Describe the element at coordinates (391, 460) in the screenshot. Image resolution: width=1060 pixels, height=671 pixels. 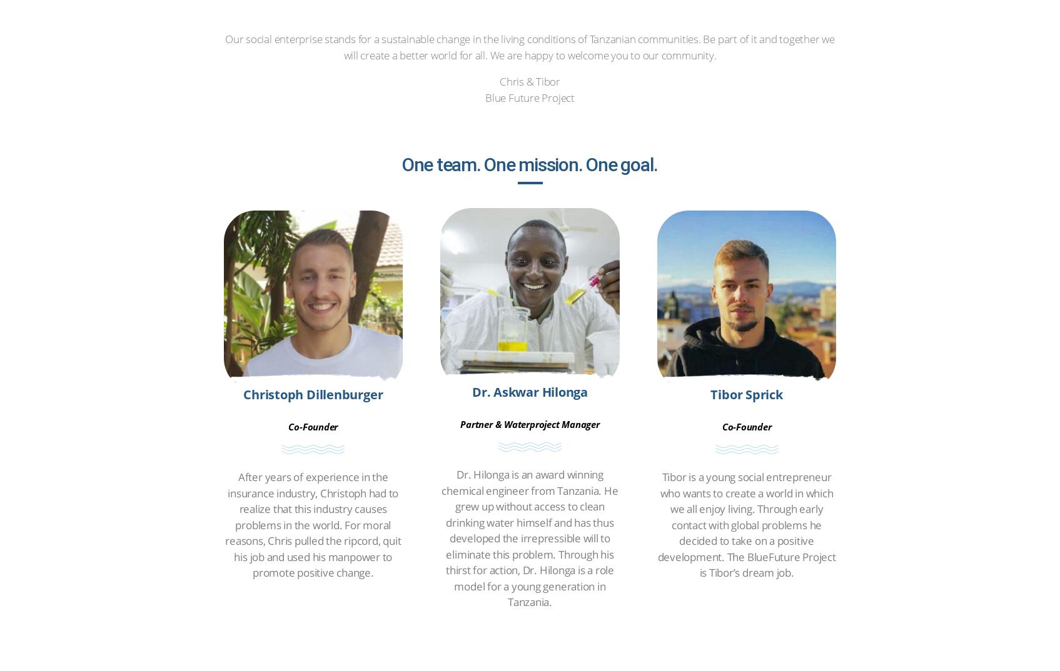
I see `'contact'` at that location.